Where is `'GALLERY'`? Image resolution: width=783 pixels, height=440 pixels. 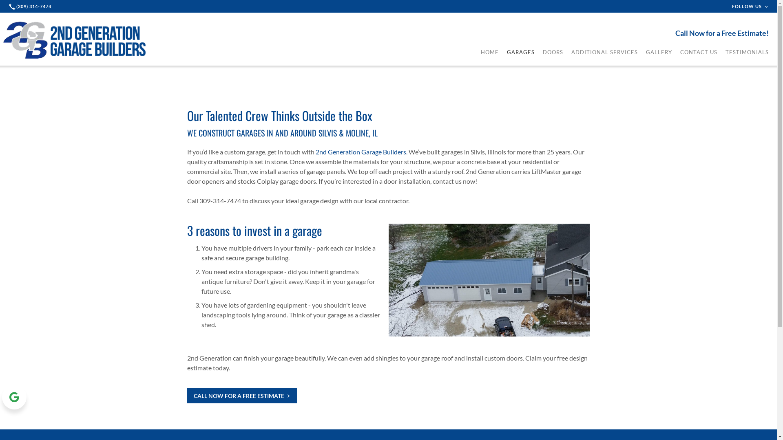 'GALLERY' is located at coordinates (659, 52).